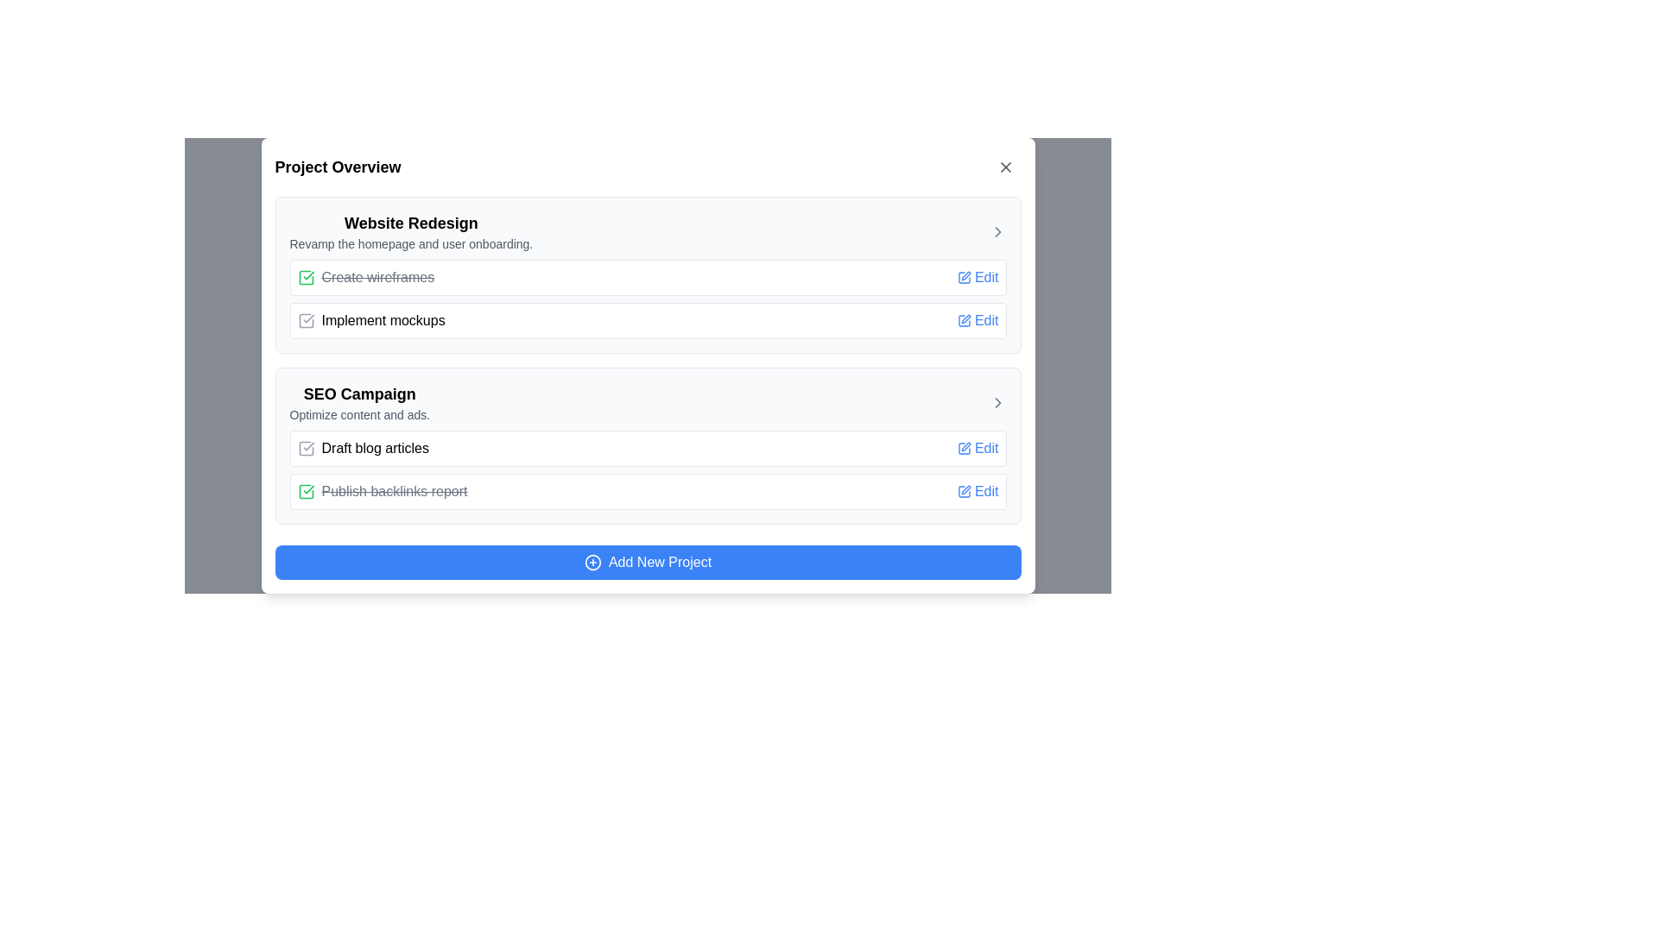  Describe the element at coordinates (592, 562) in the screenshot. I see `the 'Add New' icon located on the left side of the 'Add New Project' button` at that location.